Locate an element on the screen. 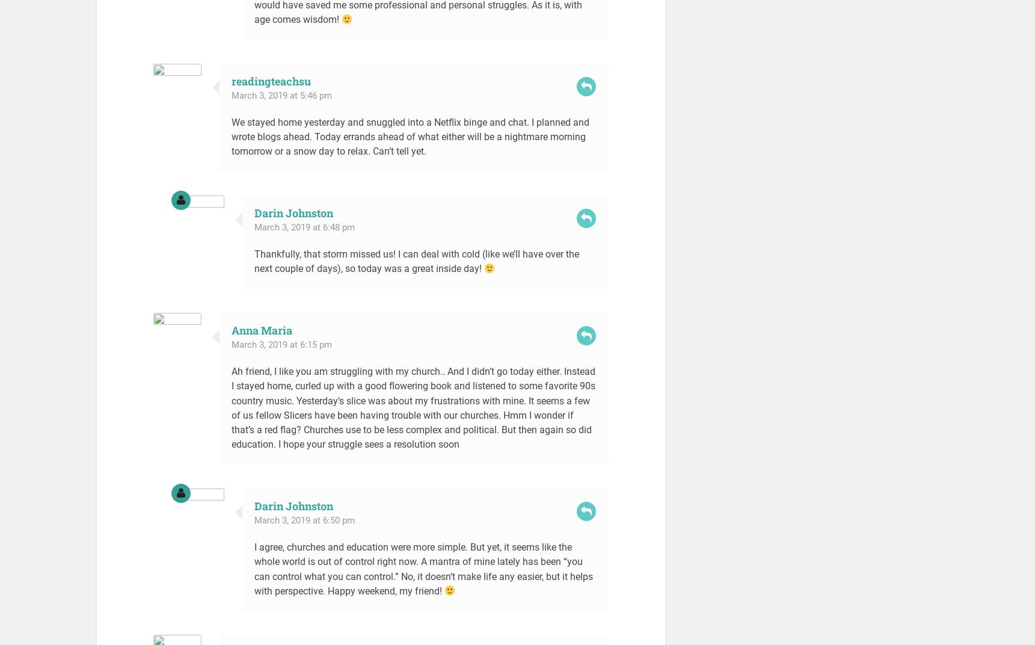 This screenshot has height=645, width=1035. 'Thankfully, that storm missed us! I can deal with cold (like we’ll have over the next couple of days), so today was a great inside day!' is located at coordinates (416, 261).